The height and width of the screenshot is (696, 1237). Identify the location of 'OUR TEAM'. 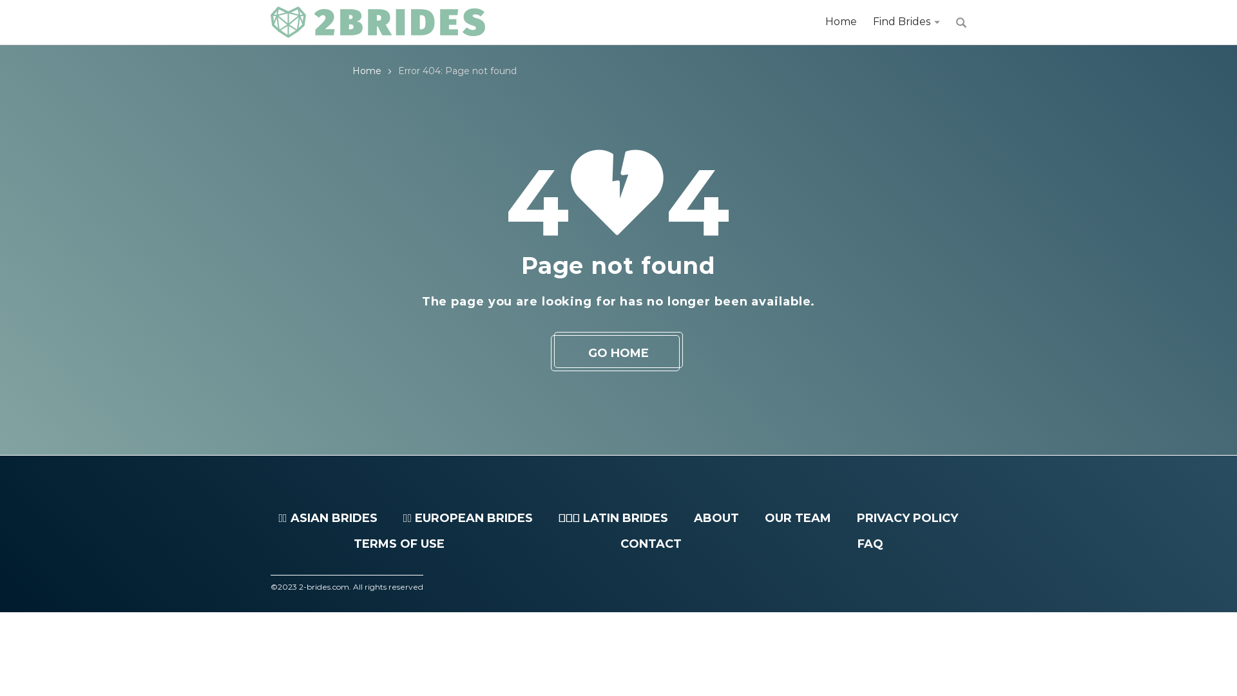
(797, 517).